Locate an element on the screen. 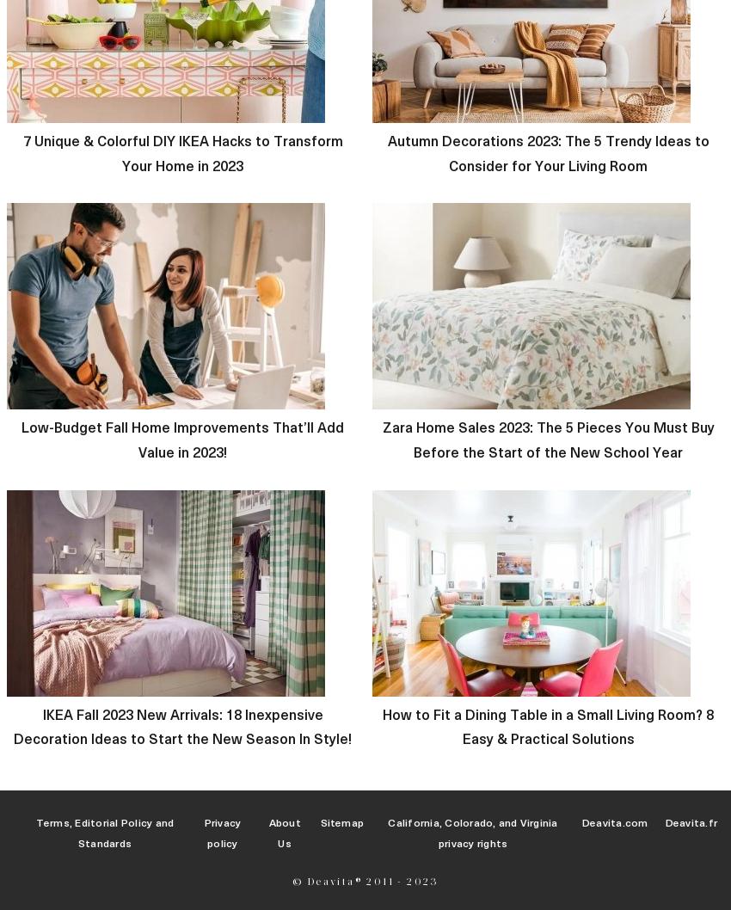  'Zara Home Sales 2023: The 5 Pieces You Must Buy Before the Start of the New School Year' is located at coordinates (546, 439).